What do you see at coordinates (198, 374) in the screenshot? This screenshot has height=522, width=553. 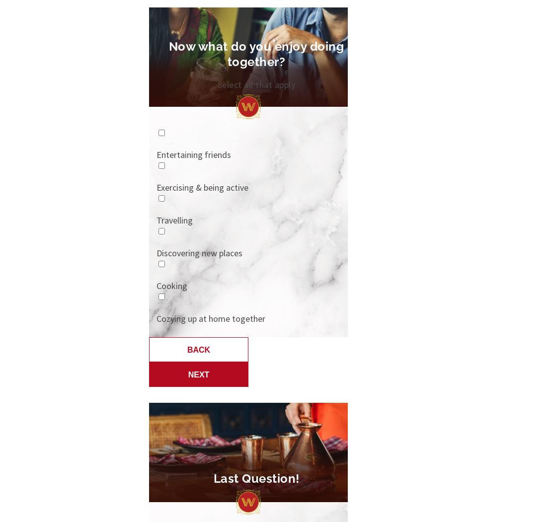 I see `'Next'` at bounding box center [198, 374].